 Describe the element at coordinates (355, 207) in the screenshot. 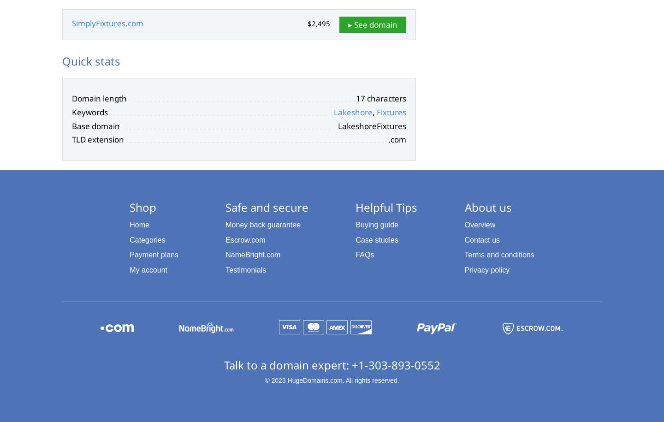

I see `'Helpful Tips'` at that location.